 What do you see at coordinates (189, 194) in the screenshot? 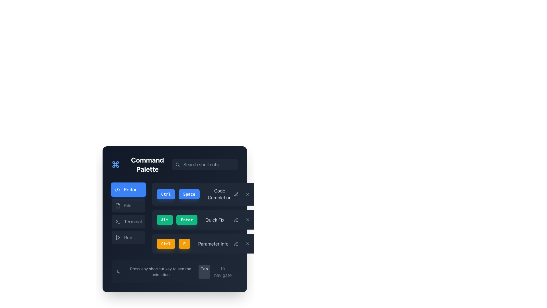
I see `the 'Space' button in the command palette interface, located between the 'Ctrl' button on the left and the 'Code Completion' button on the right` at bounding box center [189, 194].